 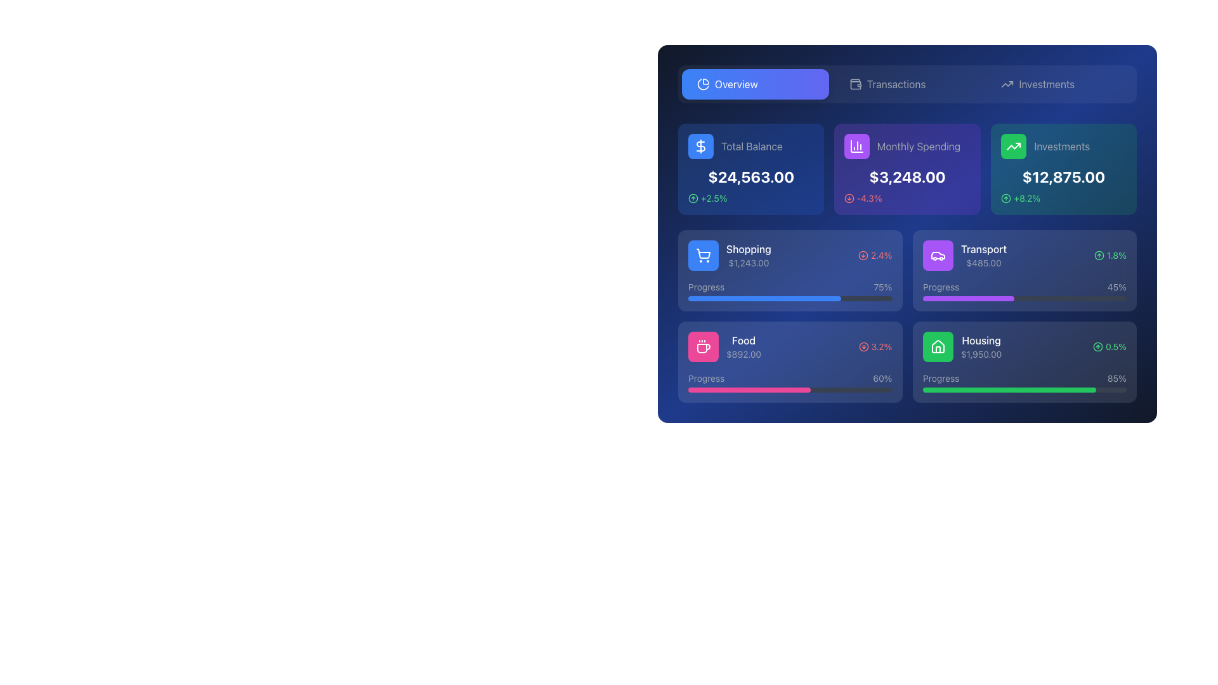 What do you see at coordinates (1063, 168) in the screenshot?
I see `the investment details by clicking on the rightmost card in the first row of the 3-column grid layout, which features a gradient background, a trending arrow icon, and displays the label 'Investments' along with a bold amount and percentage change` at bounding box center [1063, 168].